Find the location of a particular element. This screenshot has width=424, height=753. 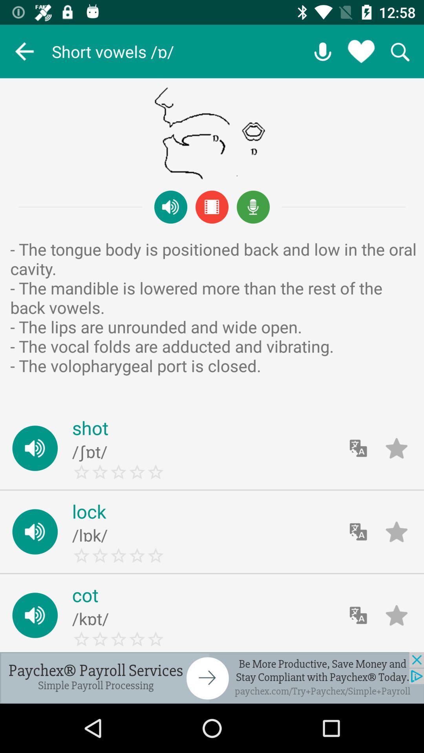

the arrow_backward icon is located at coordinates (24, 51).